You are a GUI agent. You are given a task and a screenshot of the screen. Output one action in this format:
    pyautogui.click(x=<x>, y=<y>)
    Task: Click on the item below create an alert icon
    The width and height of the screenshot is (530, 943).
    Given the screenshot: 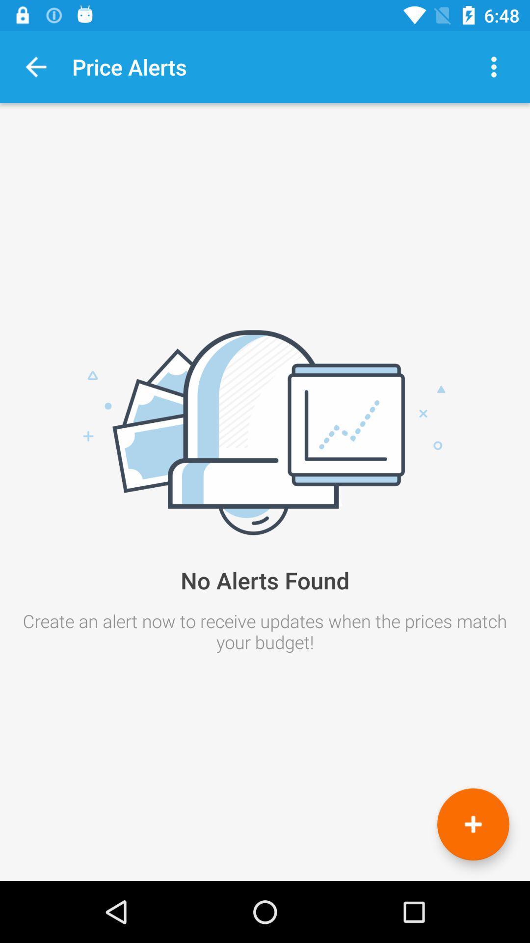 What is the action you would take?
    pyautogui.click(x=473, y=824)
    